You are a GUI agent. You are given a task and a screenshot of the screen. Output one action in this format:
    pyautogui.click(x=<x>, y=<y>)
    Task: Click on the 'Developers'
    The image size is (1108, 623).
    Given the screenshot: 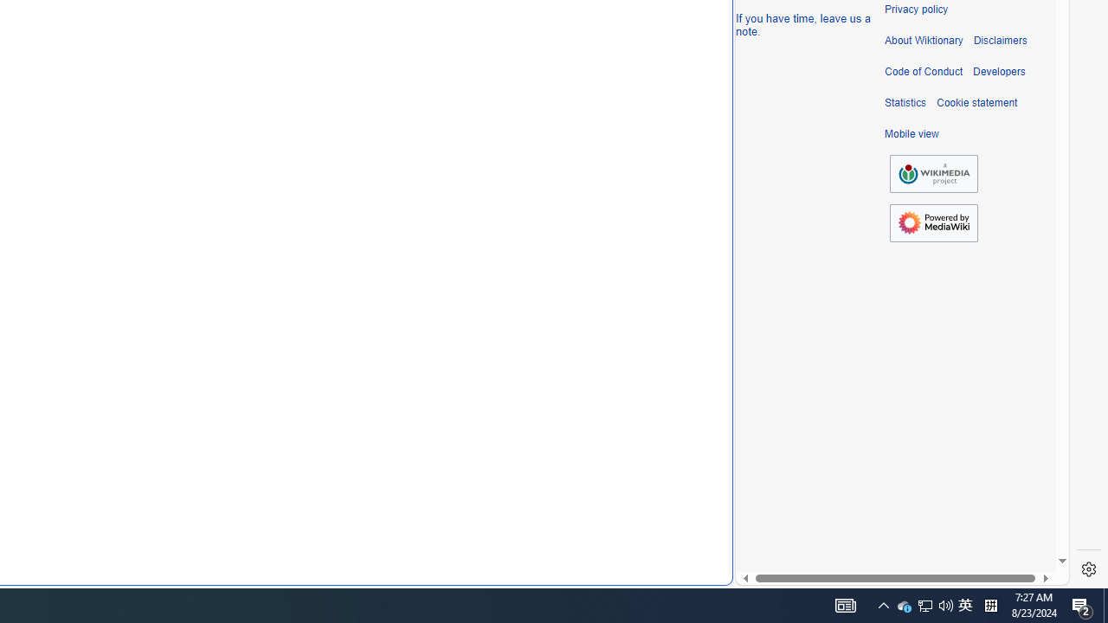 What is the action you would take?
    pyautogui.click(x=999, y=71)
    